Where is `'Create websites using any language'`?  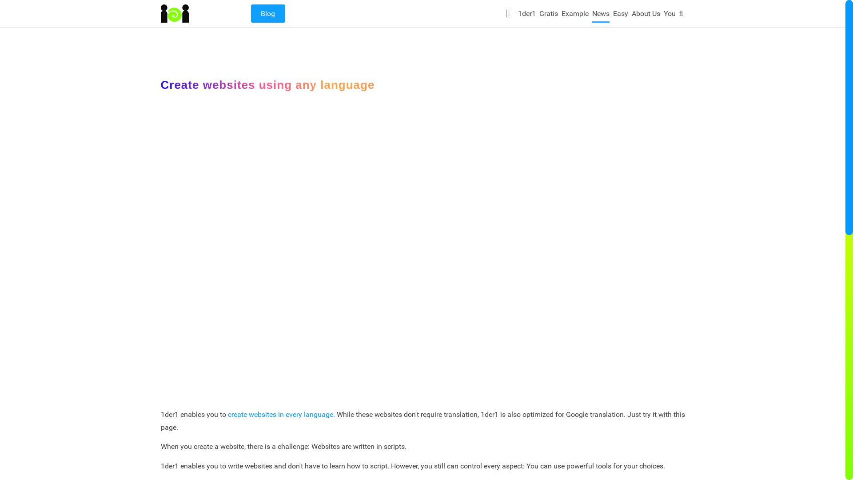 'Create websites using any language' is located at coordinates (267, 85).